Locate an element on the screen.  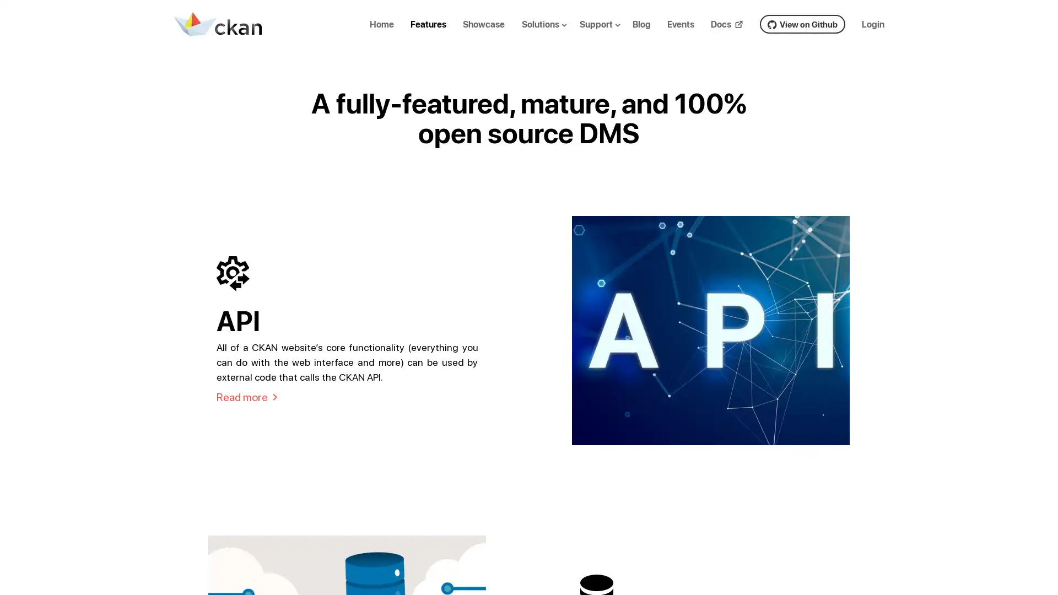
Support is located at coordinates (608, 32).